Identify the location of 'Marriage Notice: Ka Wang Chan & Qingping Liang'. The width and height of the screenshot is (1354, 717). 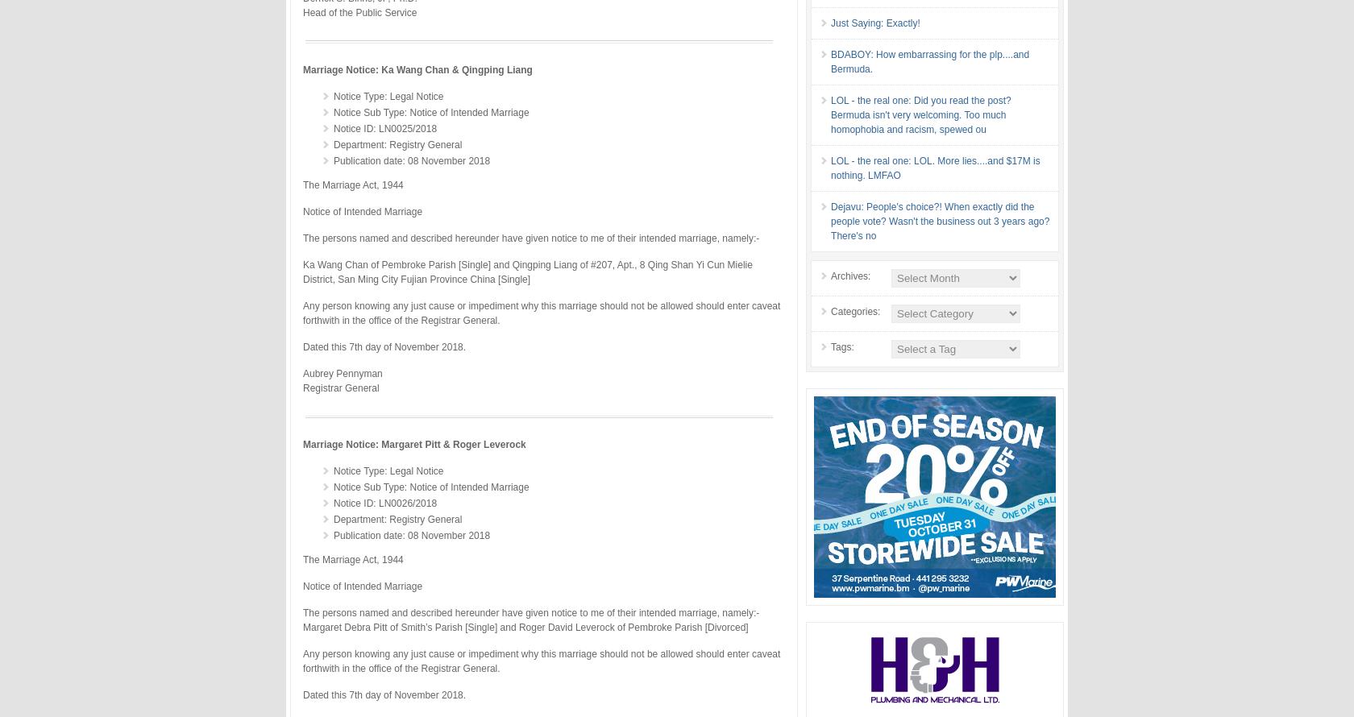
(417, 68).